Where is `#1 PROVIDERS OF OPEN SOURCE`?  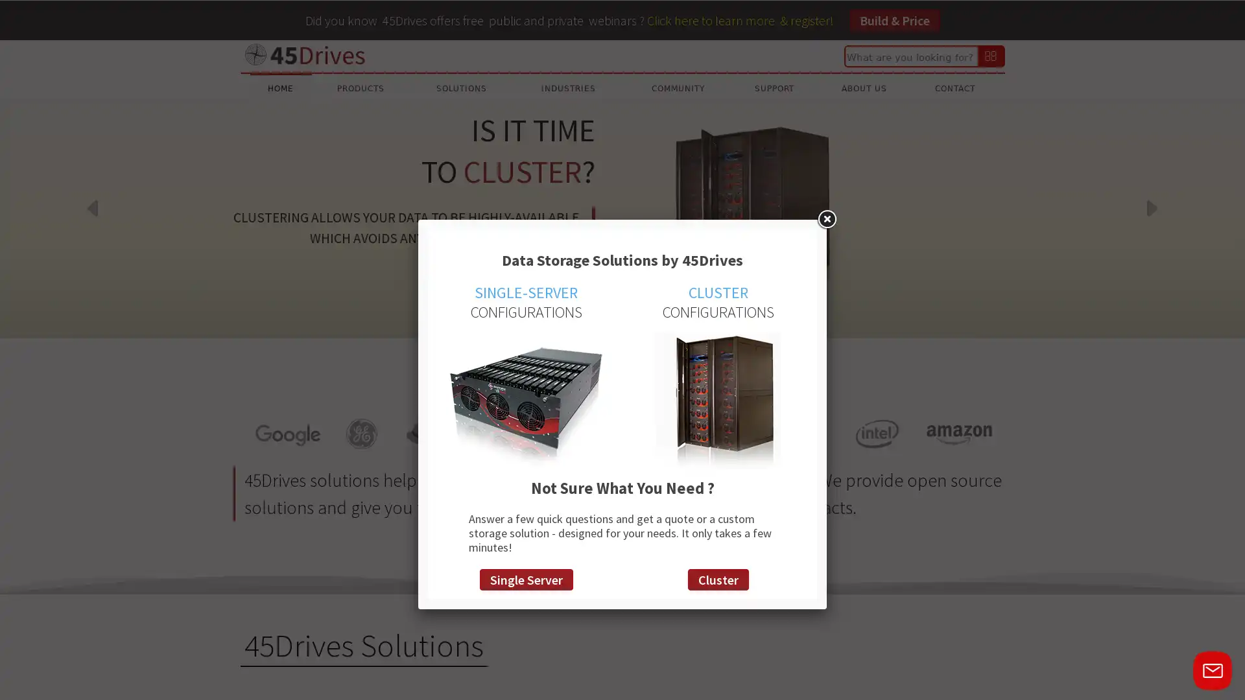
#1 PROVIDERS OF OPEN SOURCE is located at coordinates (634, 321).